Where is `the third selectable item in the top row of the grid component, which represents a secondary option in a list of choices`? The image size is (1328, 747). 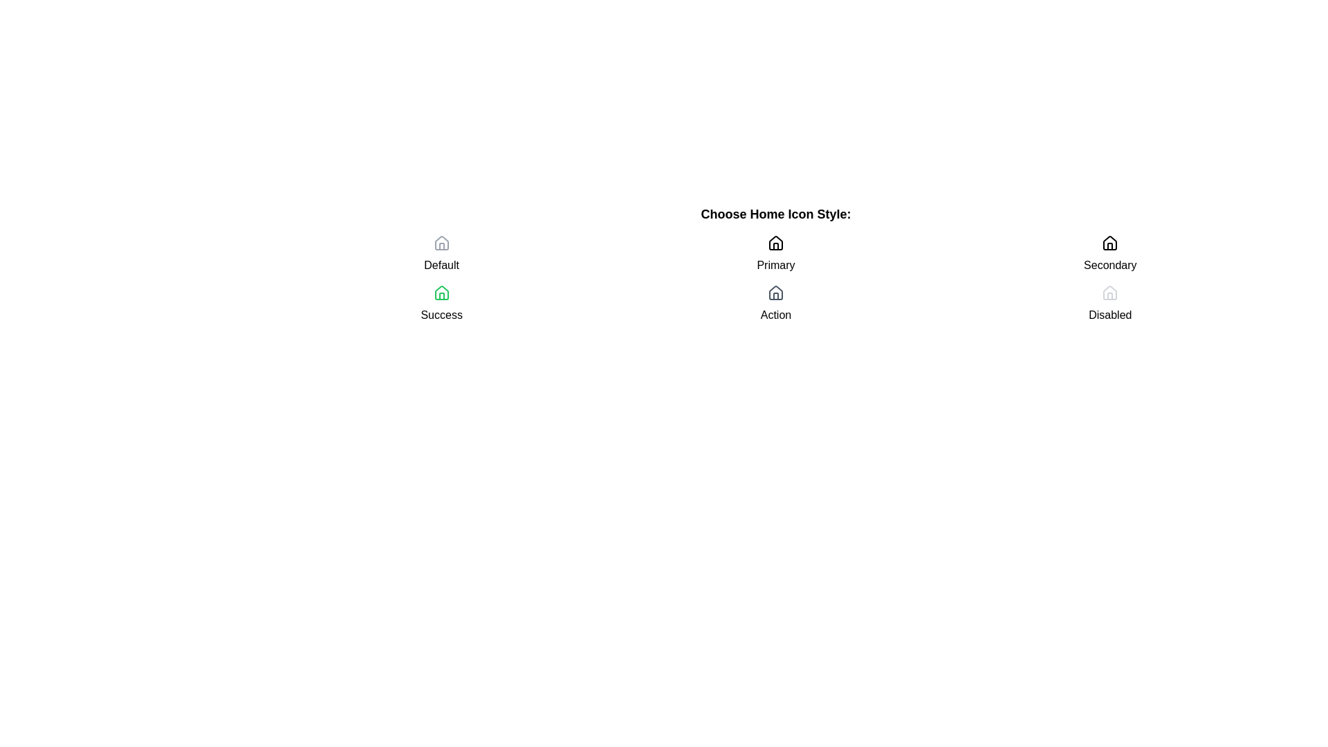
the third selectable item in the top row of the grid component, which represents a secondary option in a list of choices is located at coordinates (1110, 254).